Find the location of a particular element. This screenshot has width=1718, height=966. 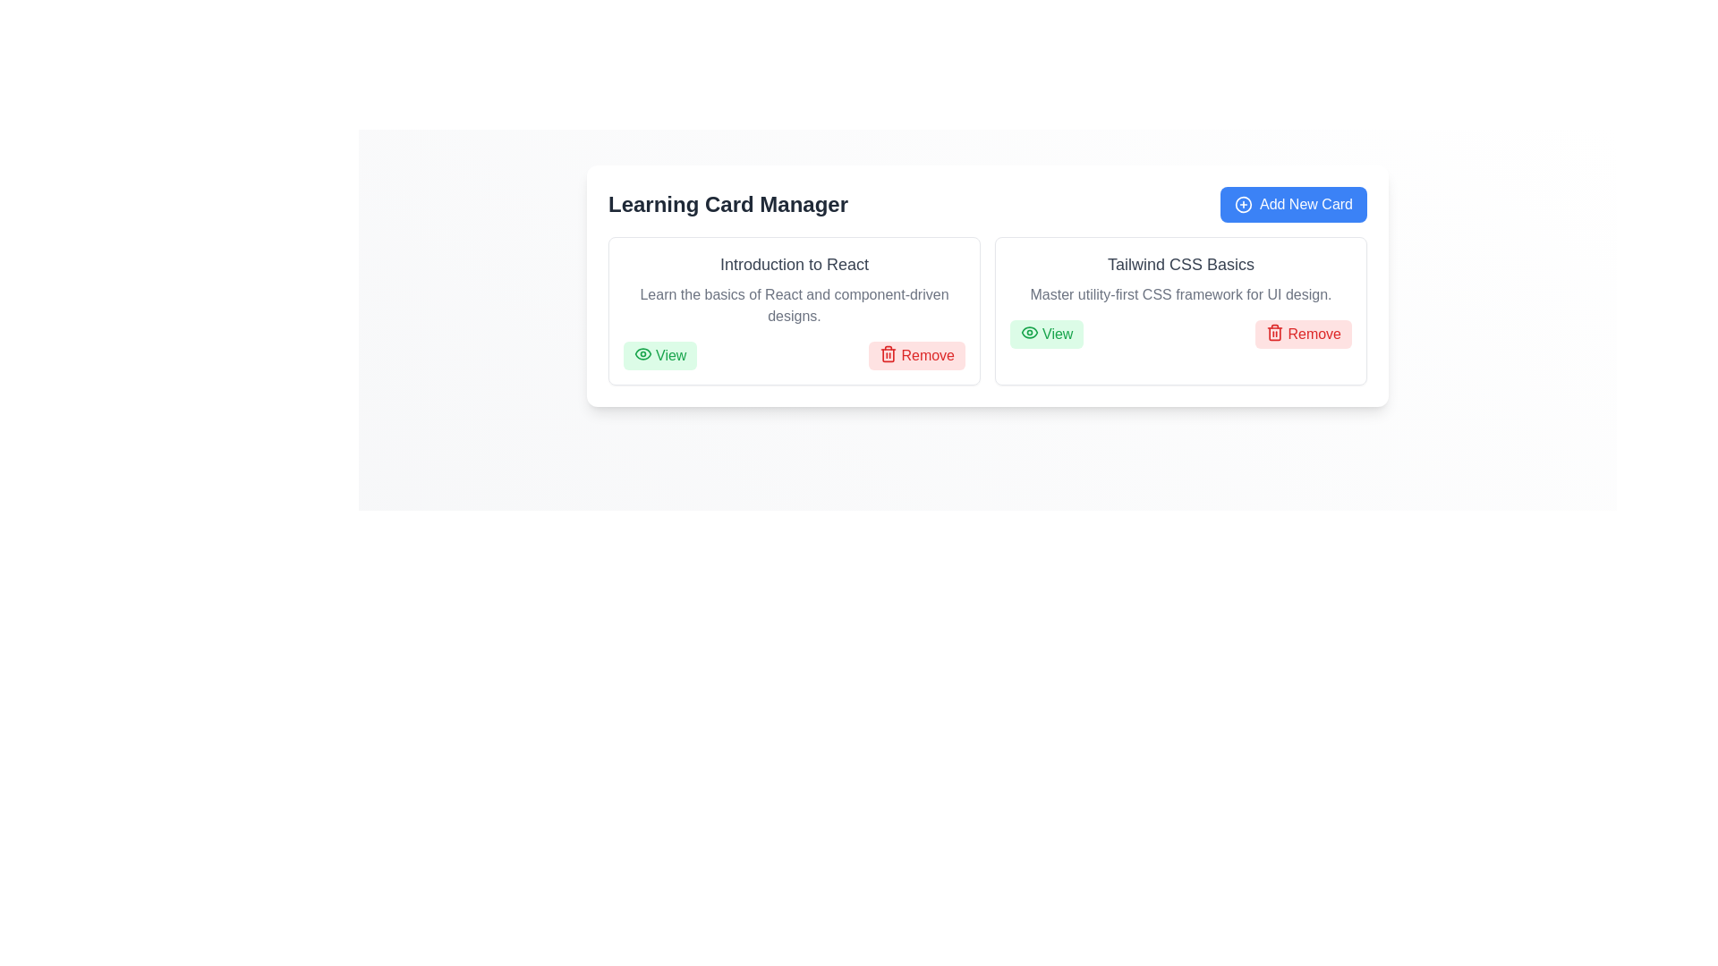

the left-side green 'View' button icon that is part of the second card titled 'Tailwind CSS Basics' in the application UI is located at coordinates (1030, 332).